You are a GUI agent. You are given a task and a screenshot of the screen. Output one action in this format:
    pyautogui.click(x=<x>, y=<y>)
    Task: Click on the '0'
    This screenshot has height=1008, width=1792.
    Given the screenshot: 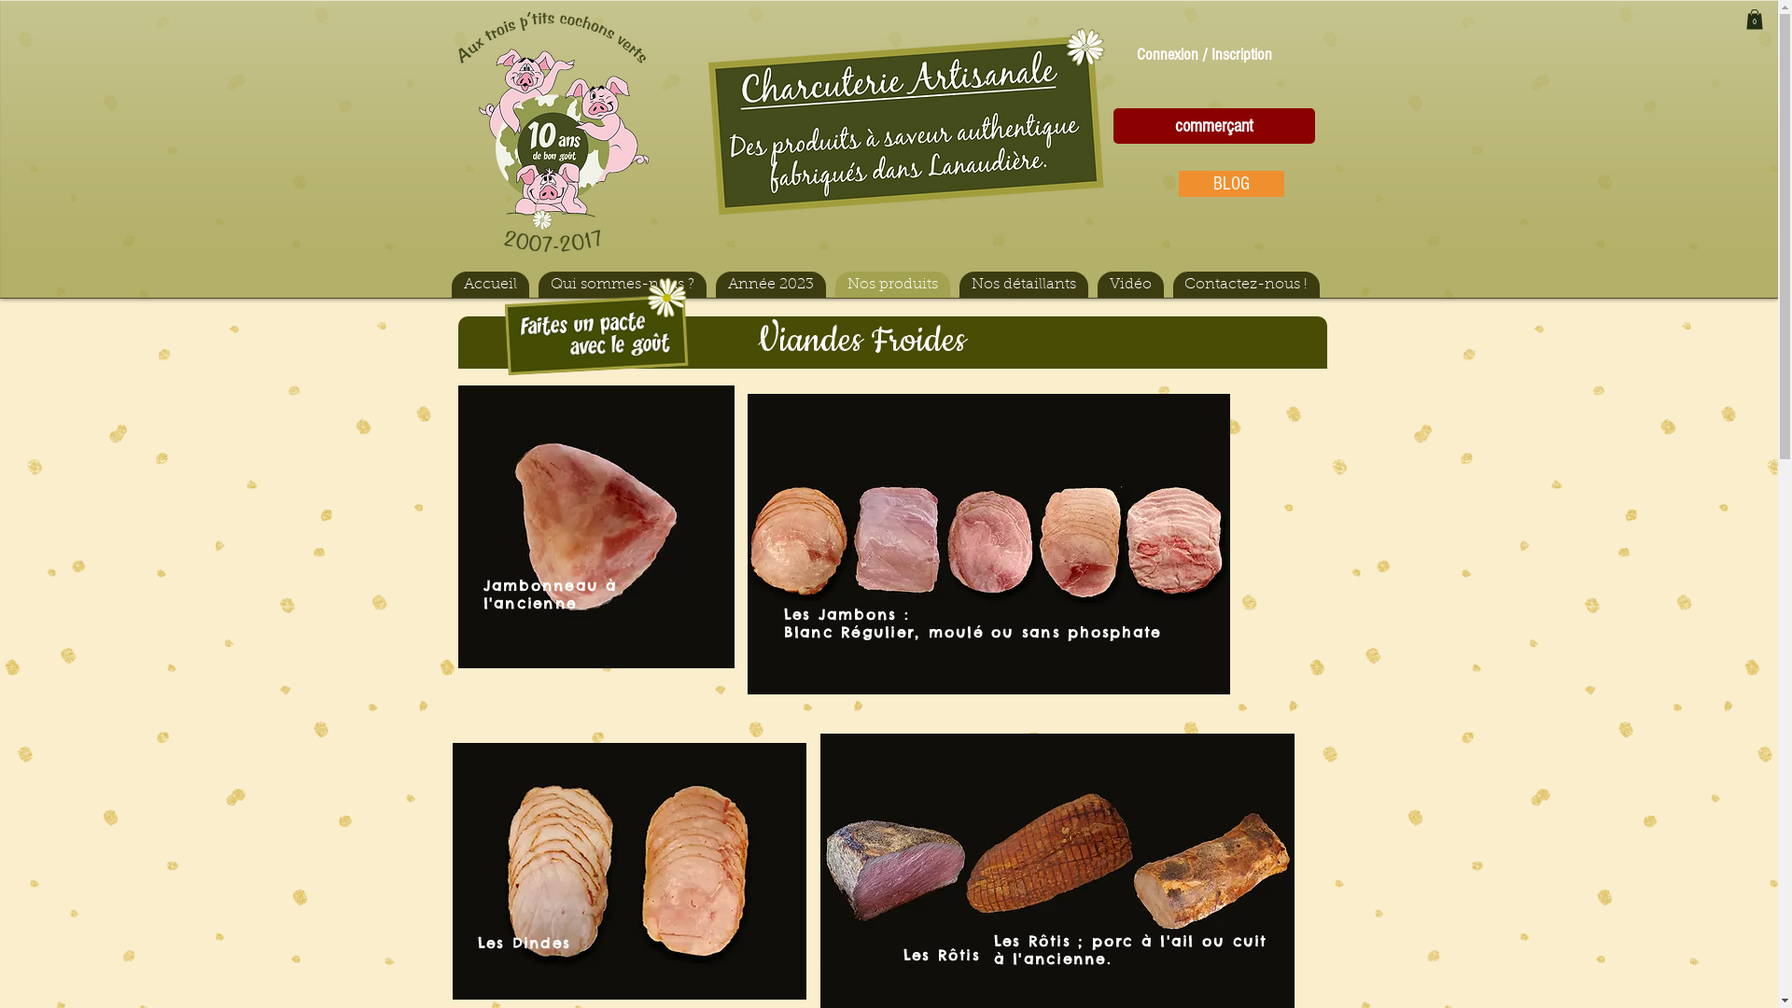 What is the action you would take?
    pyautogui.click(x=1744, y=19)
    